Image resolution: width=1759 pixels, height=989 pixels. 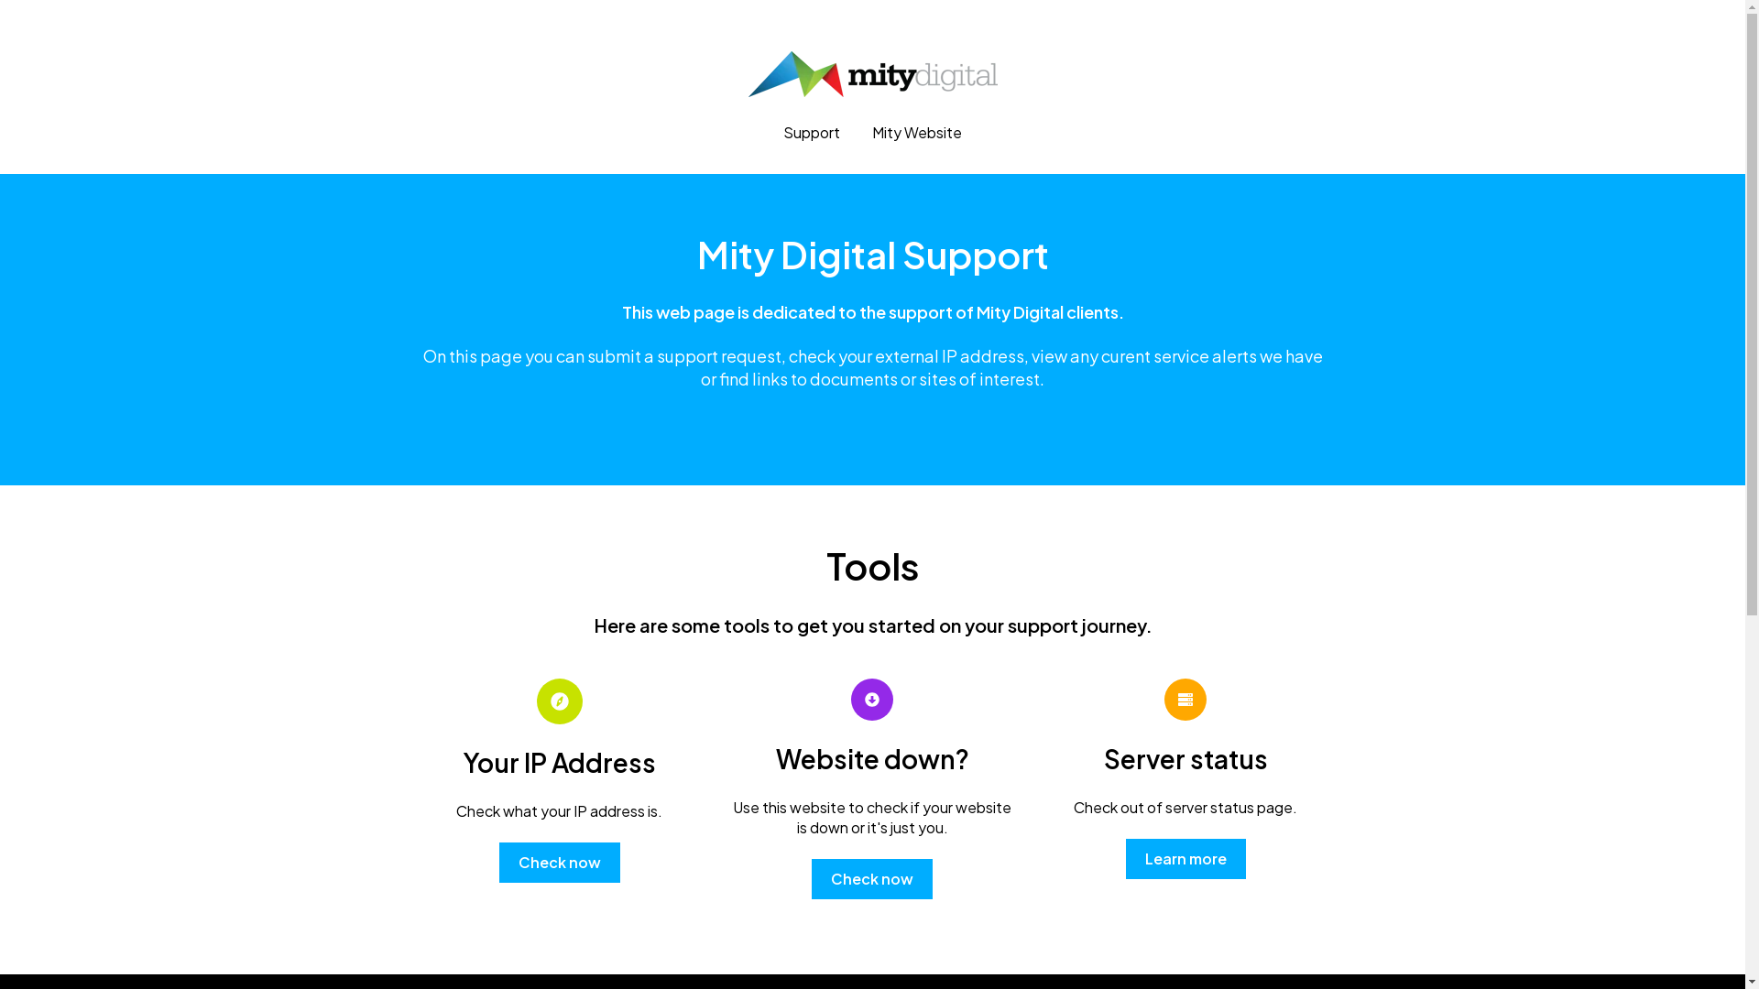 I want to click on 'Learn more', so click(x=1124, y=858).